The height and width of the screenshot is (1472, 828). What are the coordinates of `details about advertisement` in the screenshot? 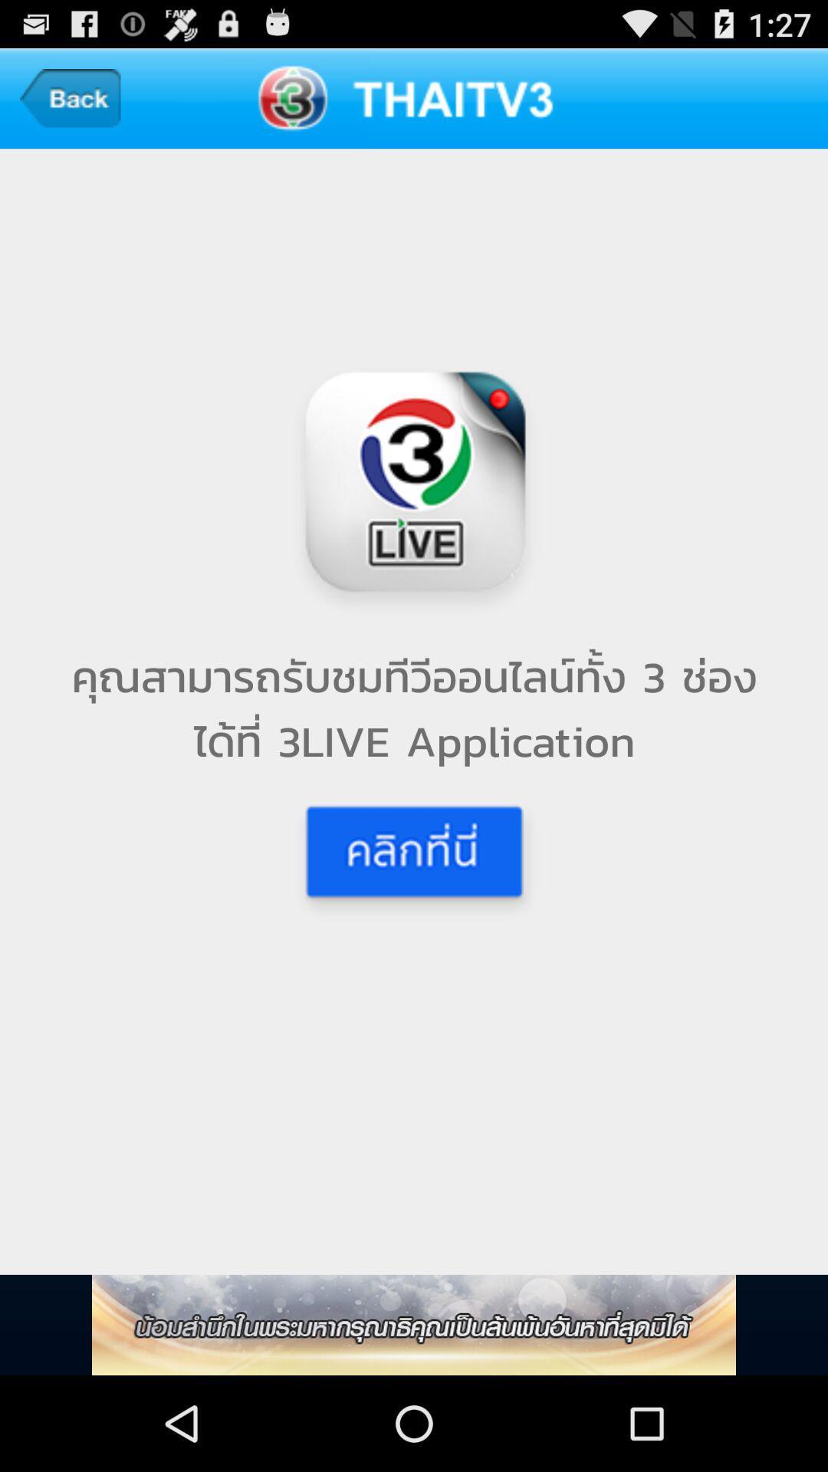 It's located at (414, 1324).